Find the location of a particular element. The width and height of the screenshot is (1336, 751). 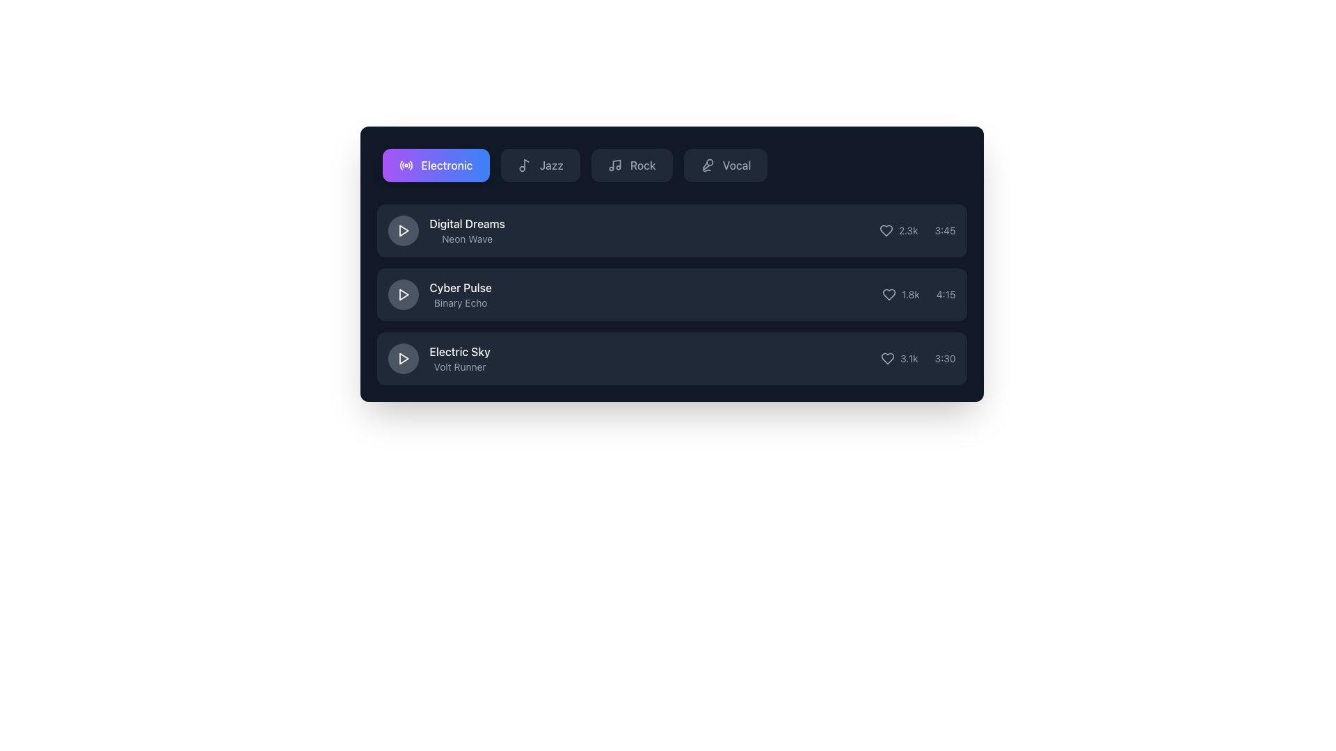

the playlist item titled 'Electric Sky' by 'Volt Runner' is located at coordinates (671, 358).